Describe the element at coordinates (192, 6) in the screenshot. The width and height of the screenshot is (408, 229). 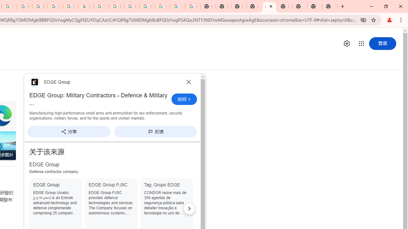
I see `'Google Images'` at that location.